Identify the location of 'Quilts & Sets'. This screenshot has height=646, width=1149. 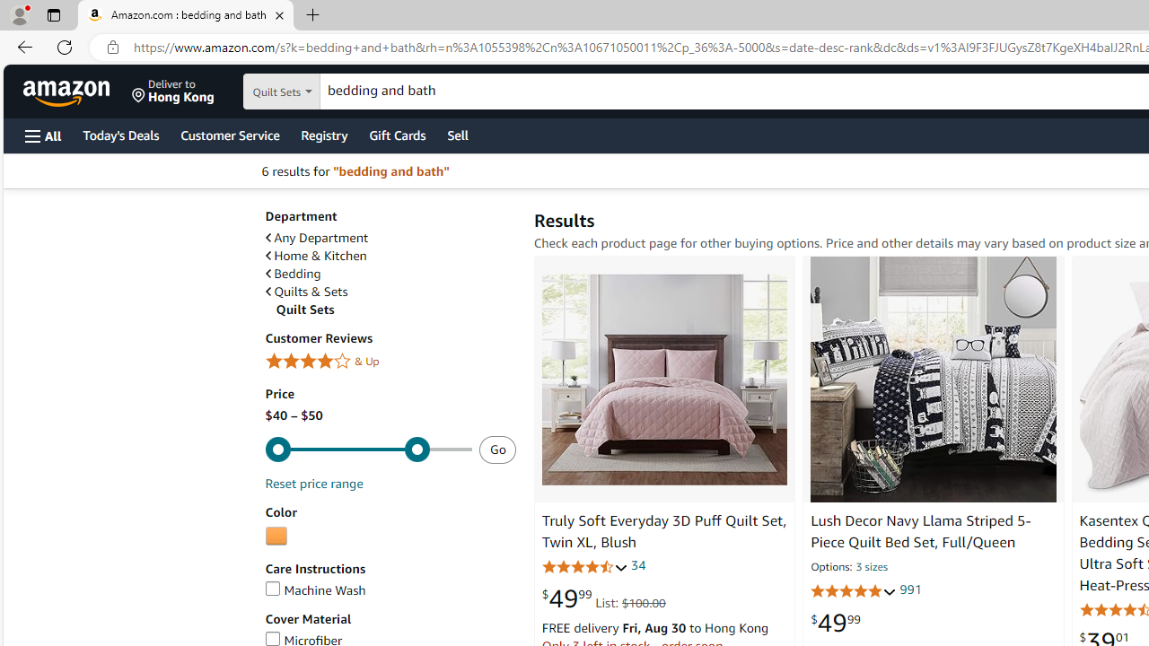
(306, 291).